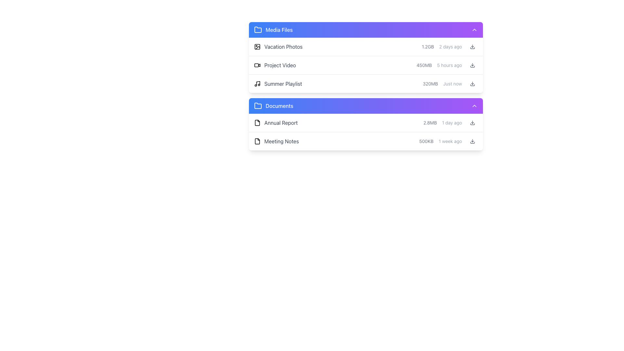 This screenshot has height=351, width=624. Describe the element at coordinates (257, 106) in the screenshot. I see `the folder icon, which is vividly colored blue and located to the left of the 'Documents' label in the second section of the panel` at that location.